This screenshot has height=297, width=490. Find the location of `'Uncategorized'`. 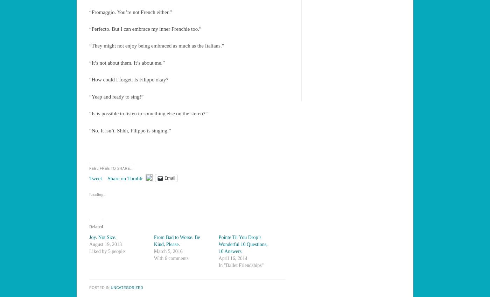

'Uncategorized' is located at coordinates (127, 287).